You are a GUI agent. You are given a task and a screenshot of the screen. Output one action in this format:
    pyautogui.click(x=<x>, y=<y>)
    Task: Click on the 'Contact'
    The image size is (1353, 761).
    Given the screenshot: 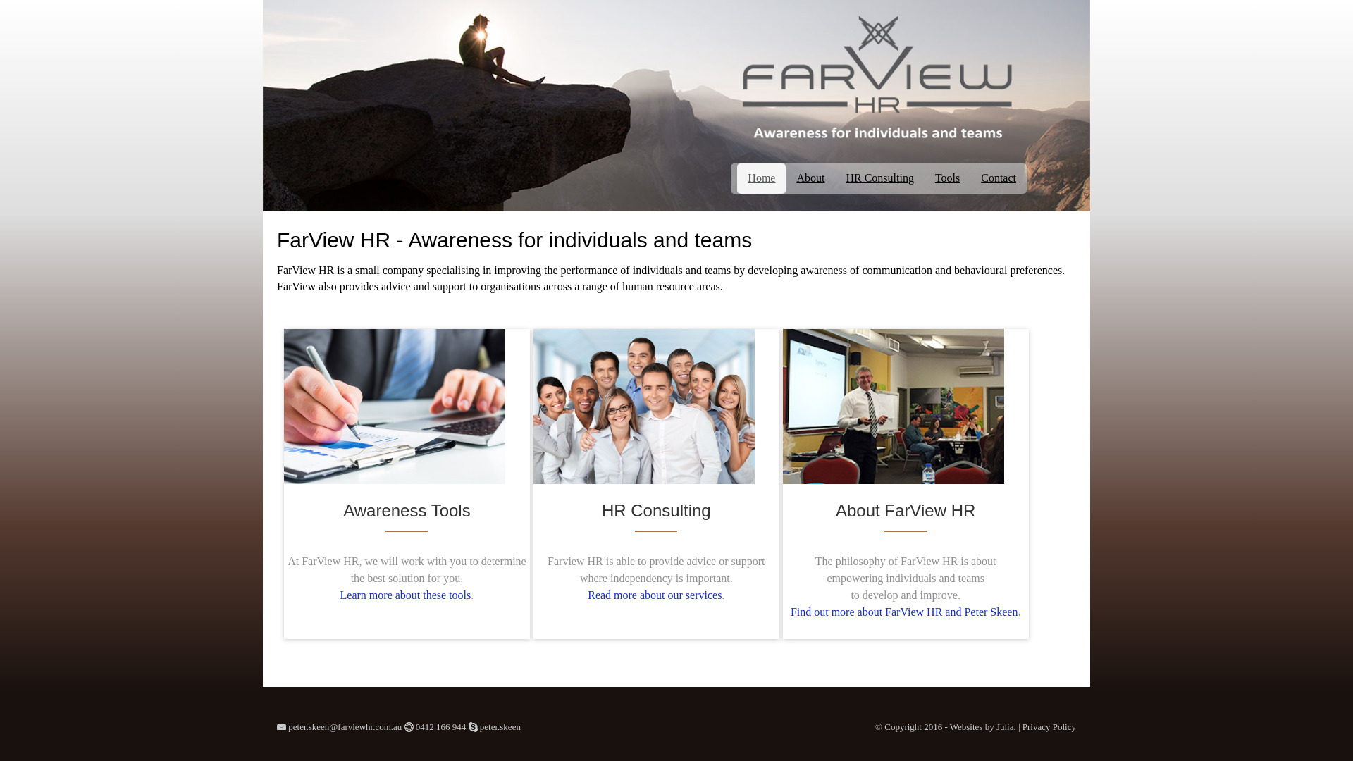 What is the action you would take?
    pyautogui.click(x=970, y=178)
    